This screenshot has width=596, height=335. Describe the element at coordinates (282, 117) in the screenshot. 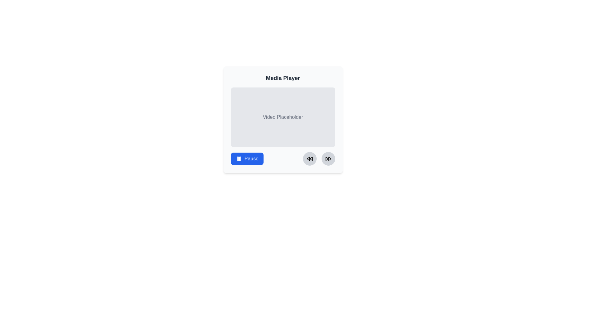

I see `the video display placeholder located below the title 'Media Player' and above the controls area` at that location.